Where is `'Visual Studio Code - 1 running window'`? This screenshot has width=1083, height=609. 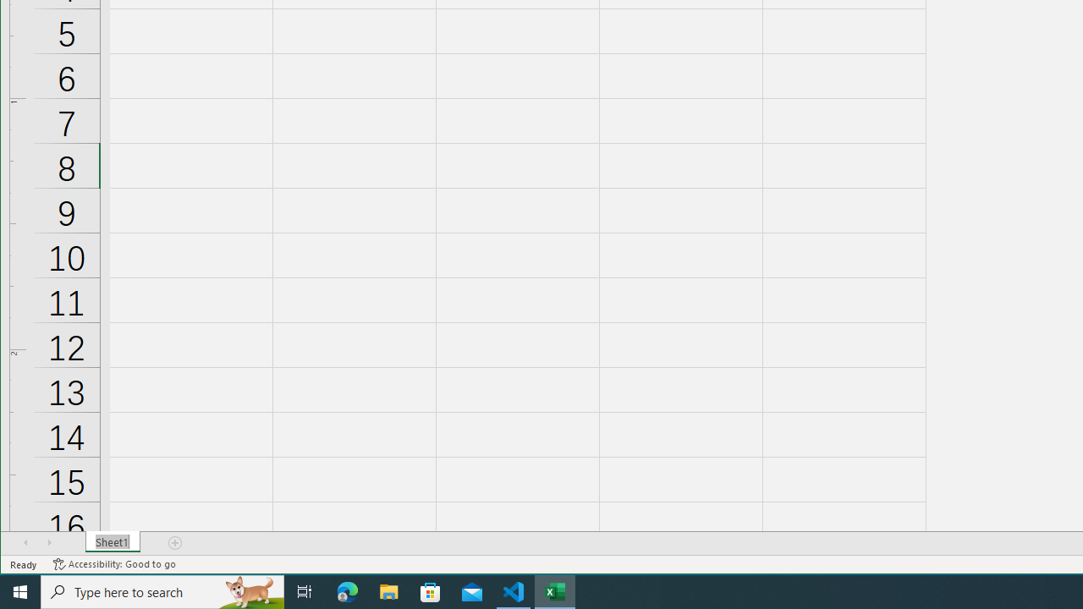
'Visual Studio Code - 1 running window' is located at coordinates (513, 590).